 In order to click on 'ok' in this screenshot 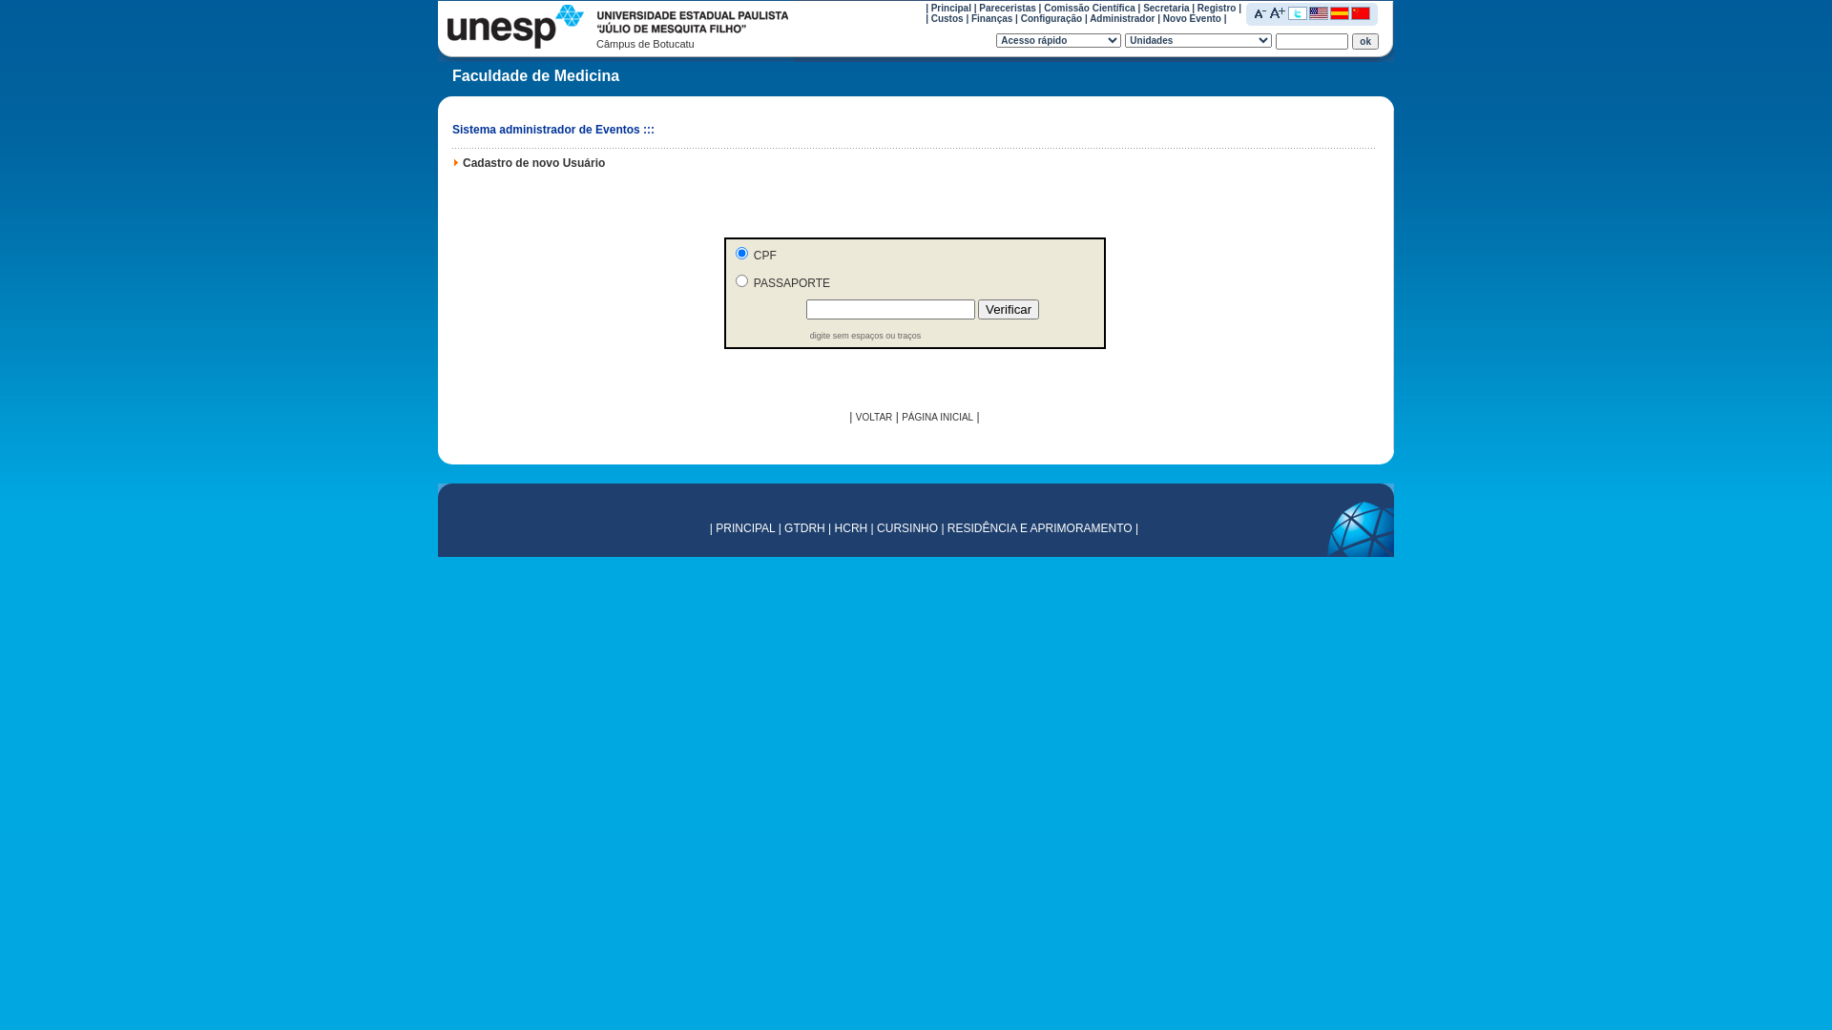, I will do `click(1364, 40)`.